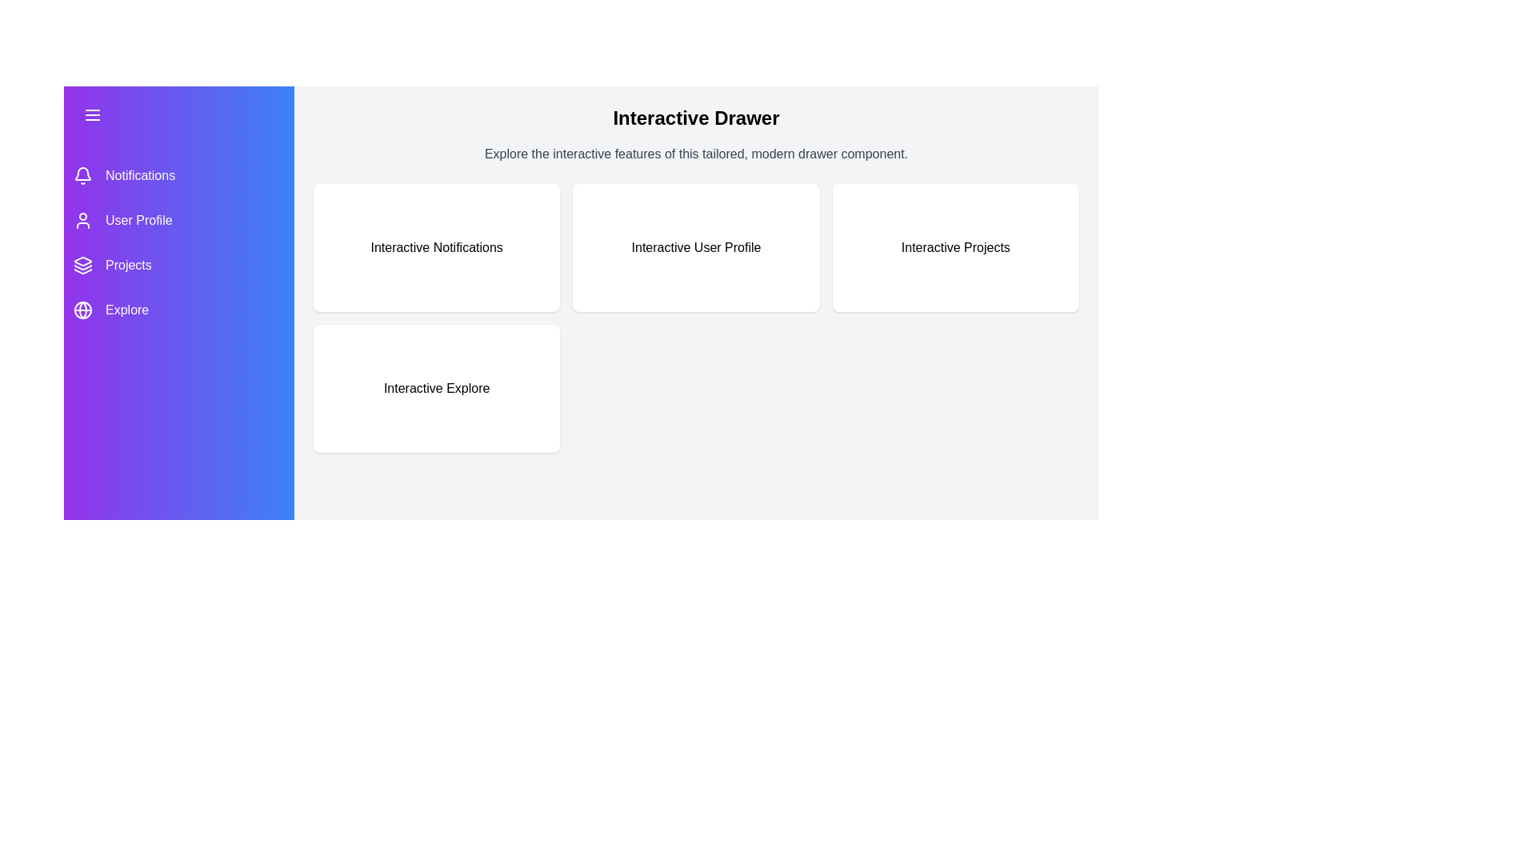 The image size is (1536, 864). Describe the element at coordinates (179, 175) in the screenshot. I see `the menu item Notifications` at that location.